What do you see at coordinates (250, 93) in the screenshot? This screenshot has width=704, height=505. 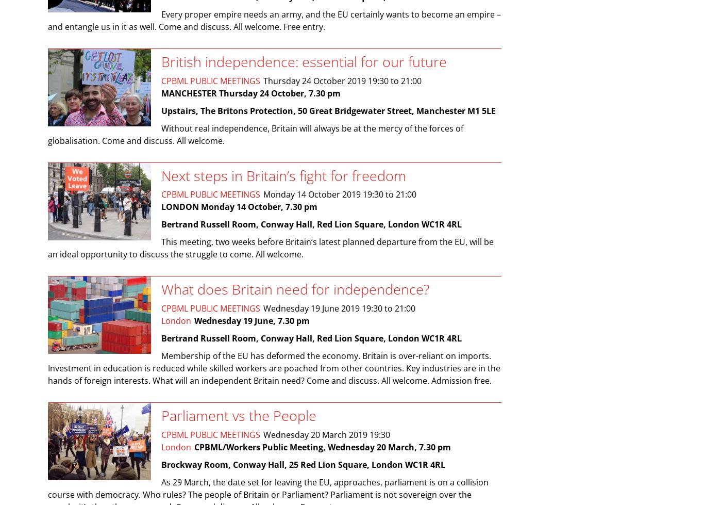 I see `'MANCHESTER Thursday 24 October, 7.30 pm'` at bounding box center [250, 93].